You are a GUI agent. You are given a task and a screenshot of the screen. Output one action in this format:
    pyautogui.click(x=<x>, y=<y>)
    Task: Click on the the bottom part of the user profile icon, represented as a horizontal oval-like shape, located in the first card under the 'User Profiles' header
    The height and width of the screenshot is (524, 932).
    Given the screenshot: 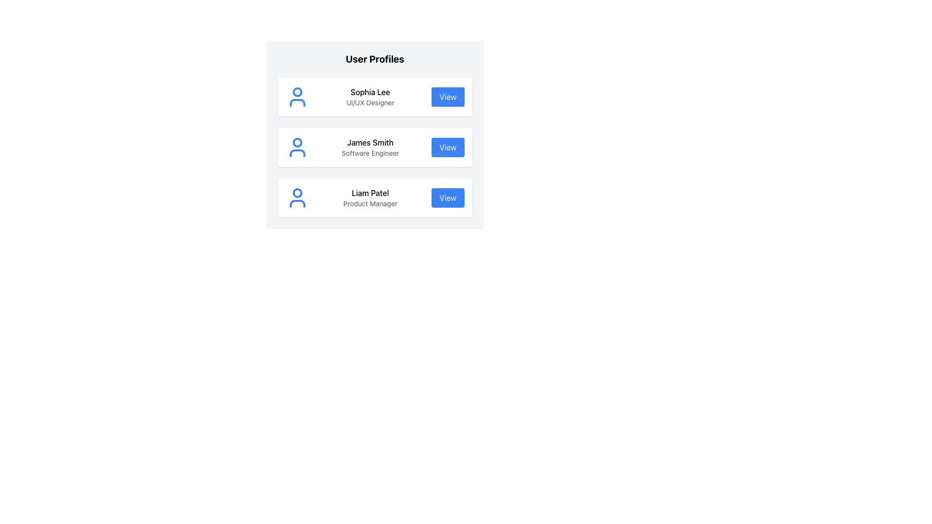 What is the action you would take?
    pyautogui.click(x=297, y=103)
    